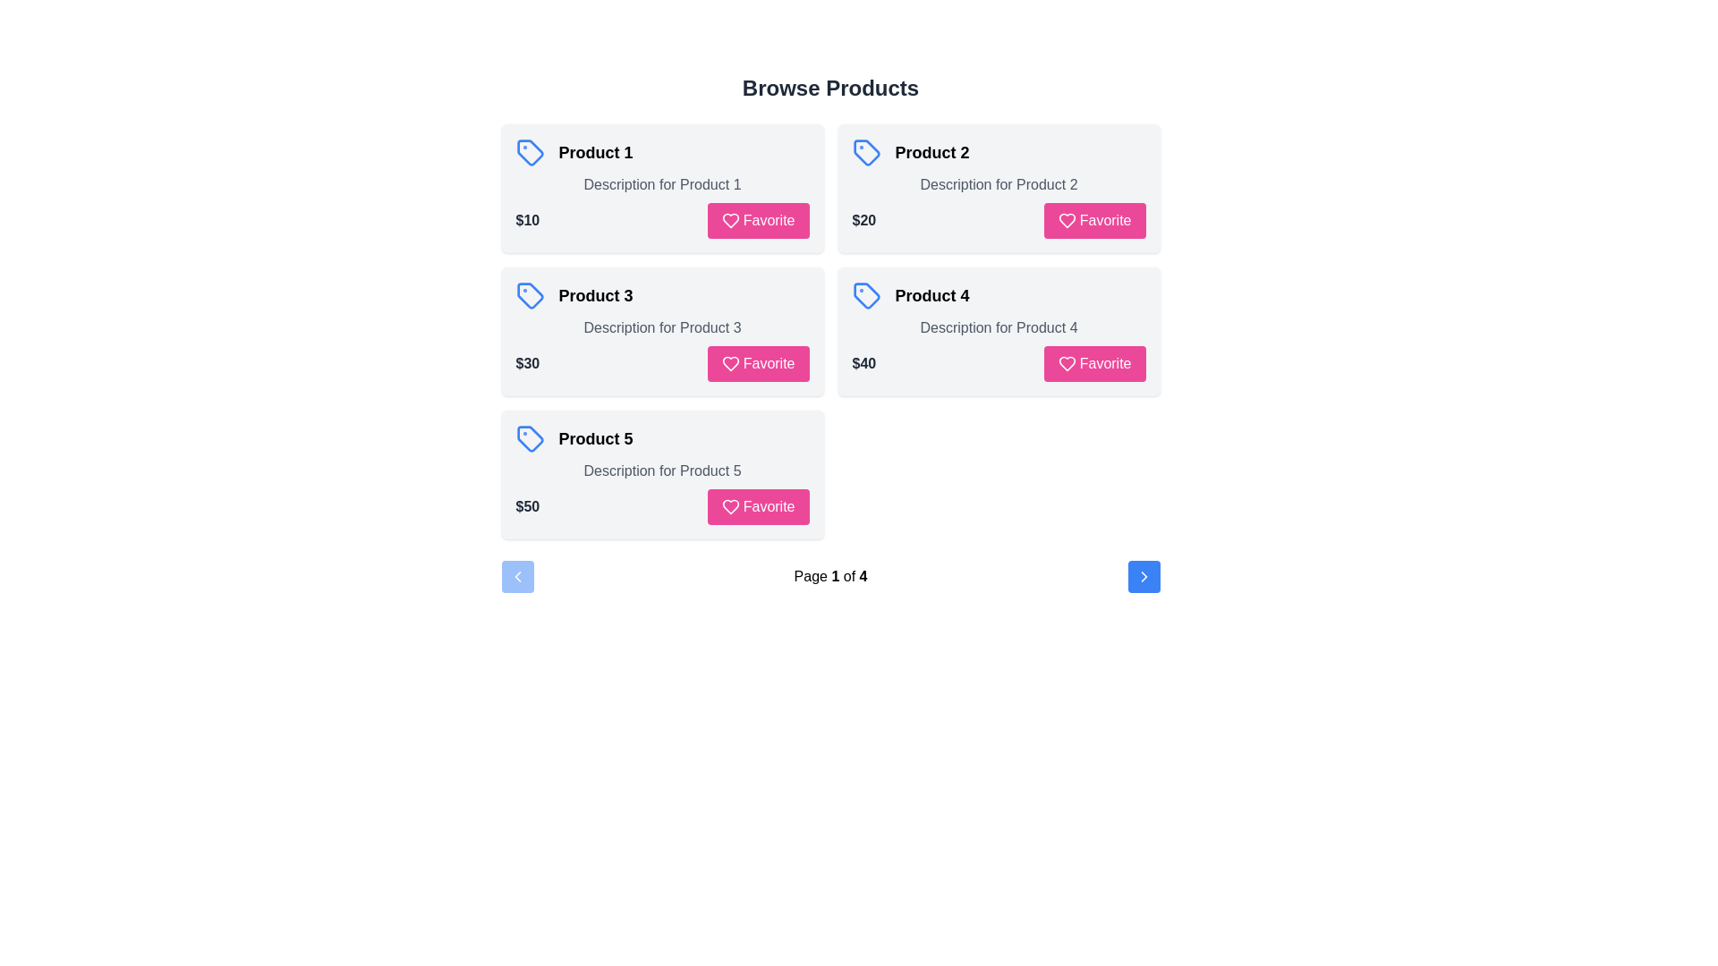  What do you see at coordinates (866, 151) in the screenshot?
I see `the blue outlined icon resembling a stylized tag next to the text 'Product 2'` at bounding box center [866, 151].